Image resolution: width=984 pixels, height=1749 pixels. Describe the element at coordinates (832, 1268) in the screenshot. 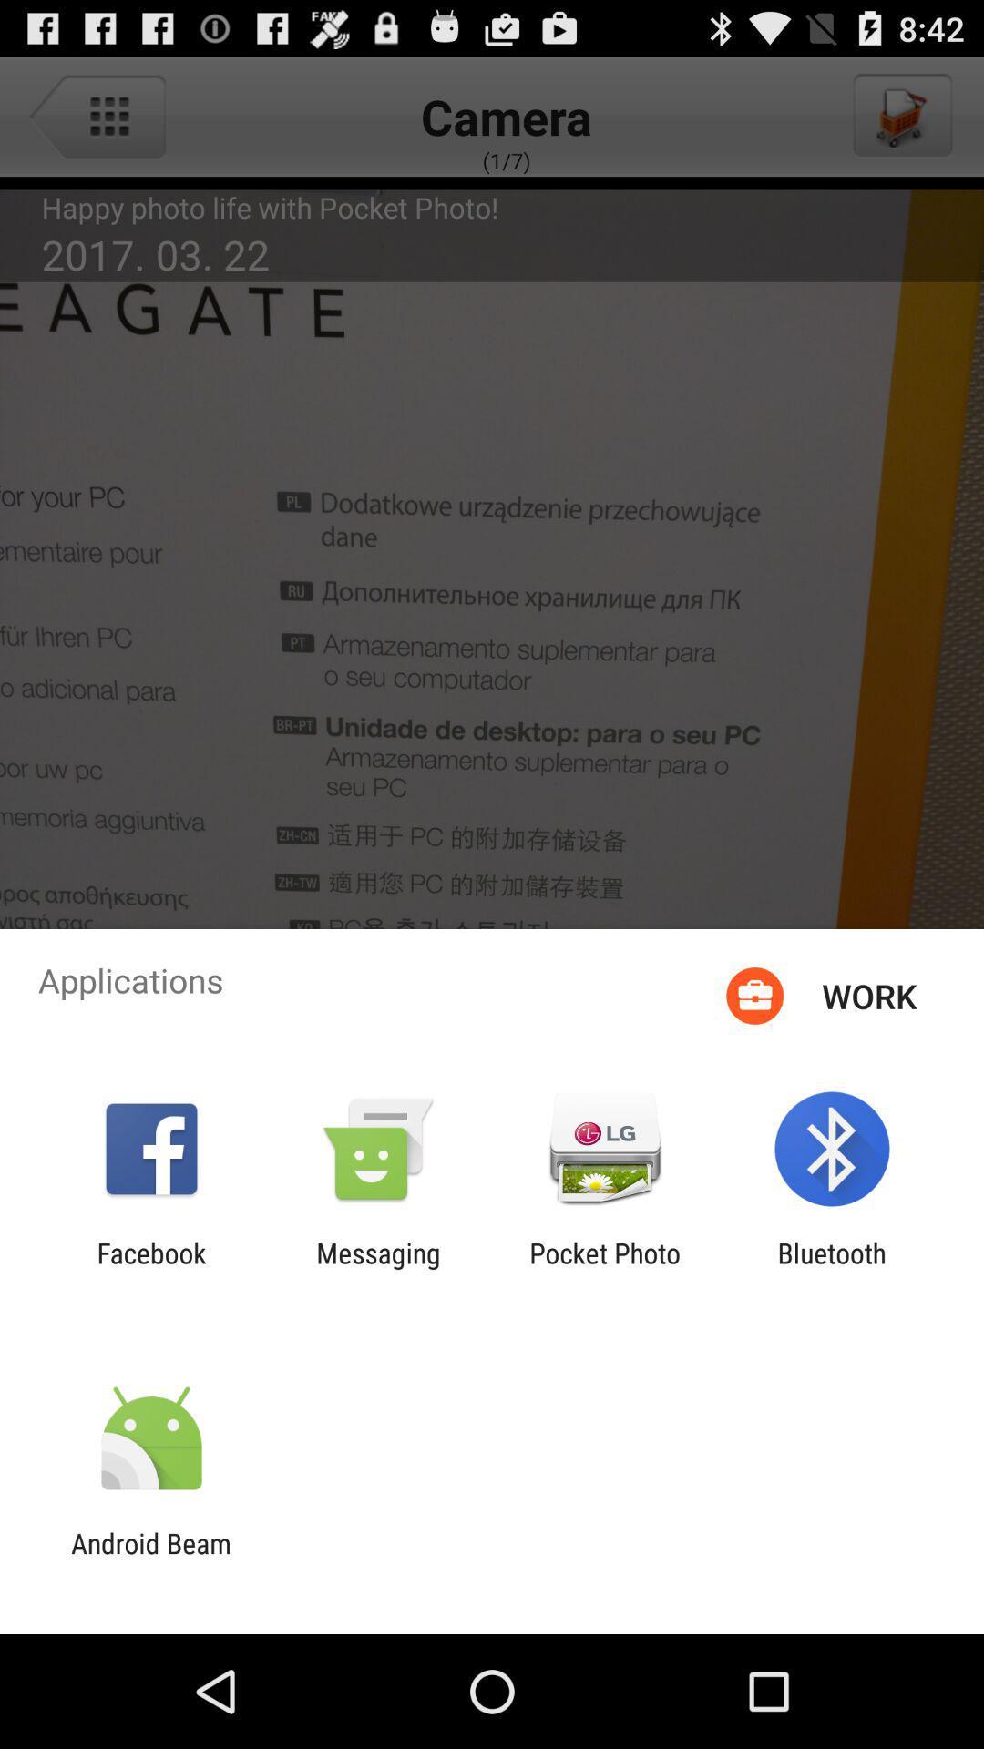

I see `icon at the bottom right corner` at that location.